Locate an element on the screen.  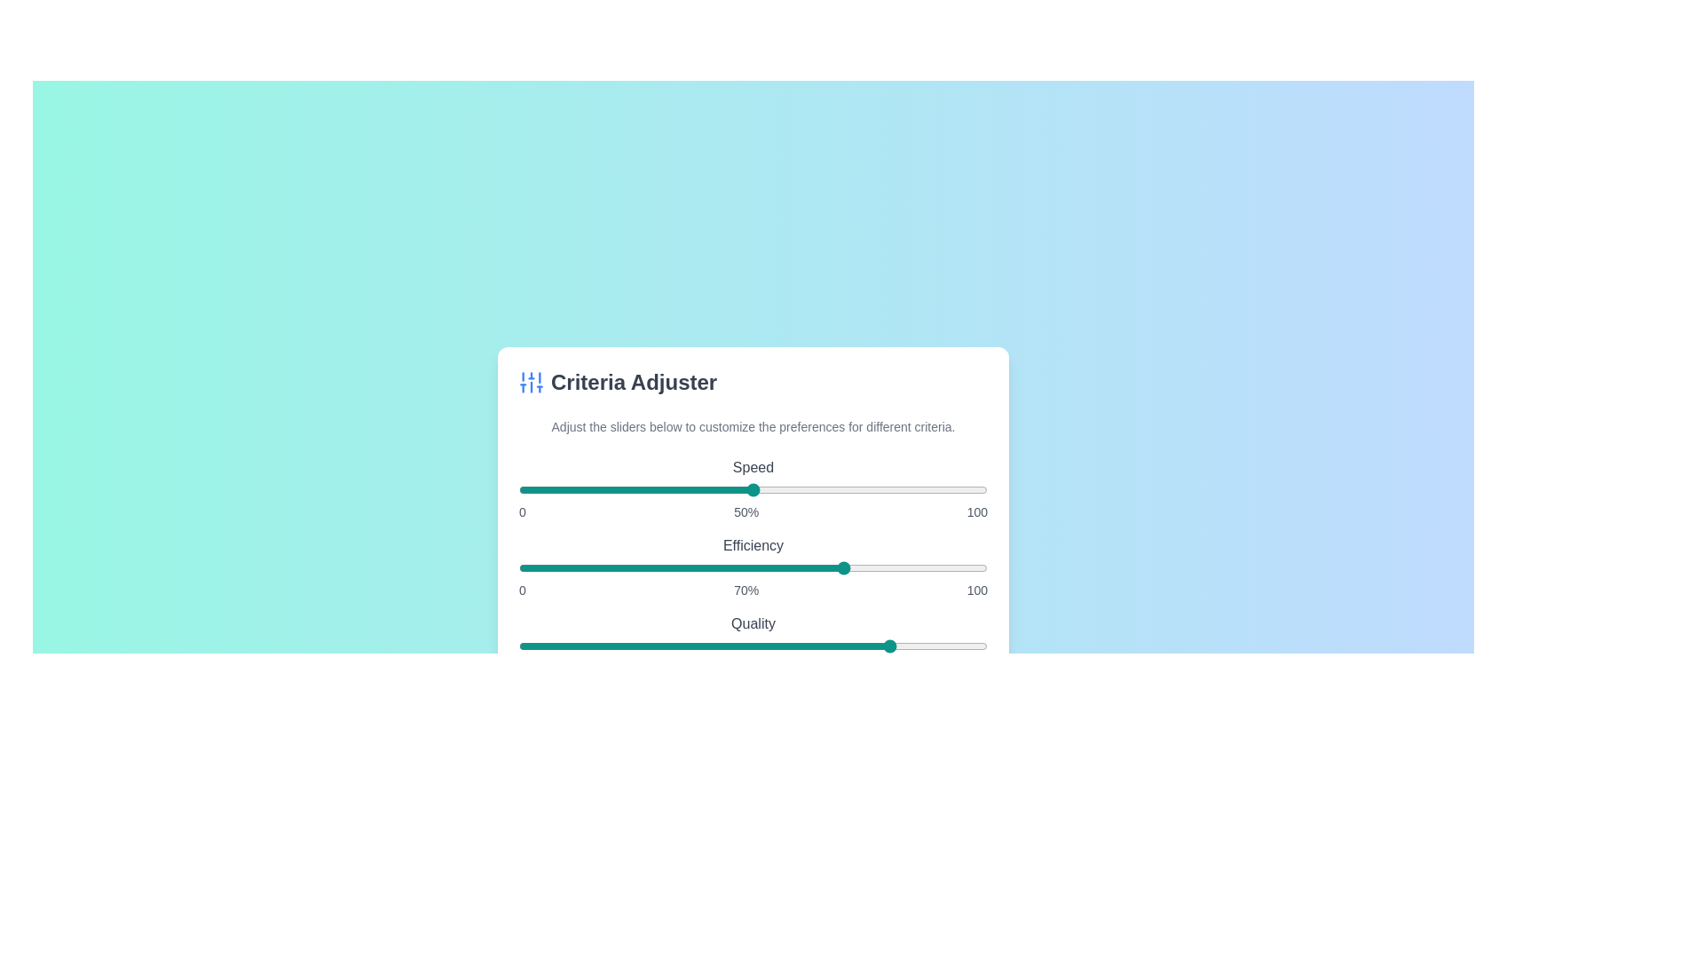
the 'Quality' slider to set its value to 82 is located at coordinates (903, 646).